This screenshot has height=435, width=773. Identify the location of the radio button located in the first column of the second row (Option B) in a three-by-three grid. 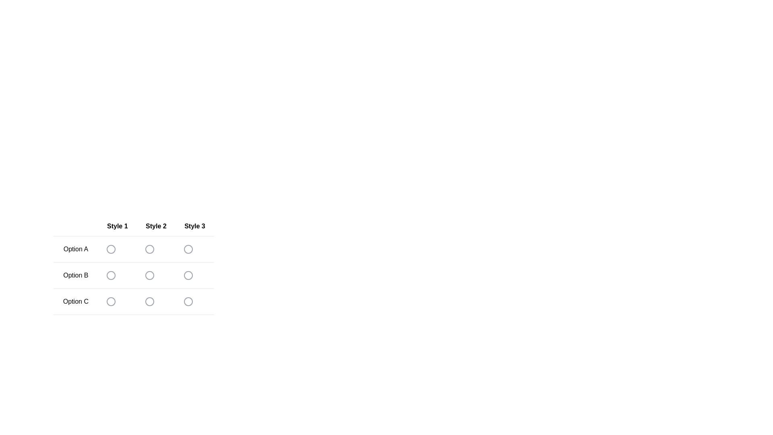
(110, 275).